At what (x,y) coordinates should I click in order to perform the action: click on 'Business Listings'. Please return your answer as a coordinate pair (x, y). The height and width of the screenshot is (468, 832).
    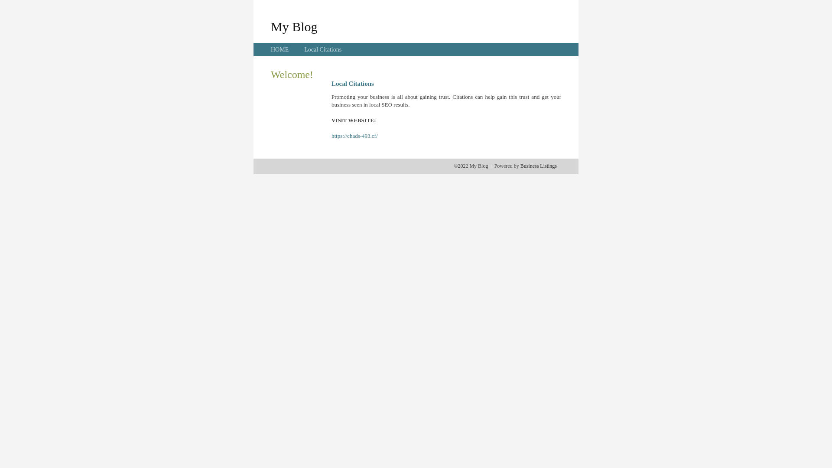
    Looking at the image, I should click on (538, 166).